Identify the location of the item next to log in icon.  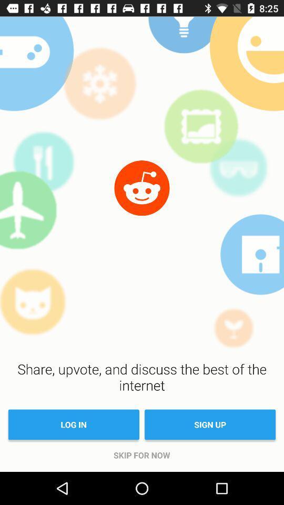
(210, 425).